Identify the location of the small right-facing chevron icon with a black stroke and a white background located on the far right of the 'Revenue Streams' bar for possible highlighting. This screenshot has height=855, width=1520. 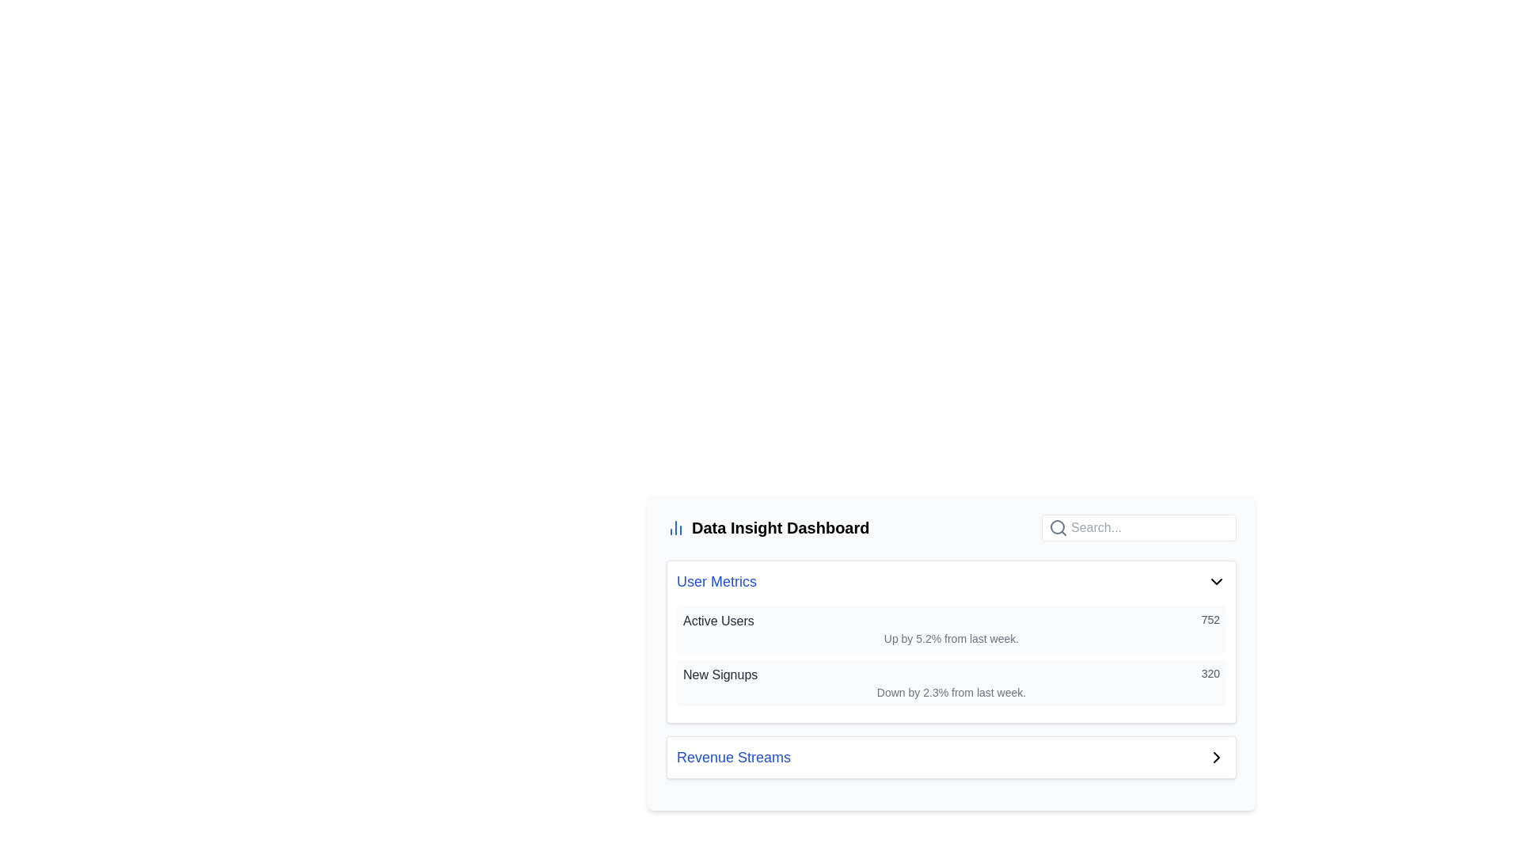
(1215, 756).